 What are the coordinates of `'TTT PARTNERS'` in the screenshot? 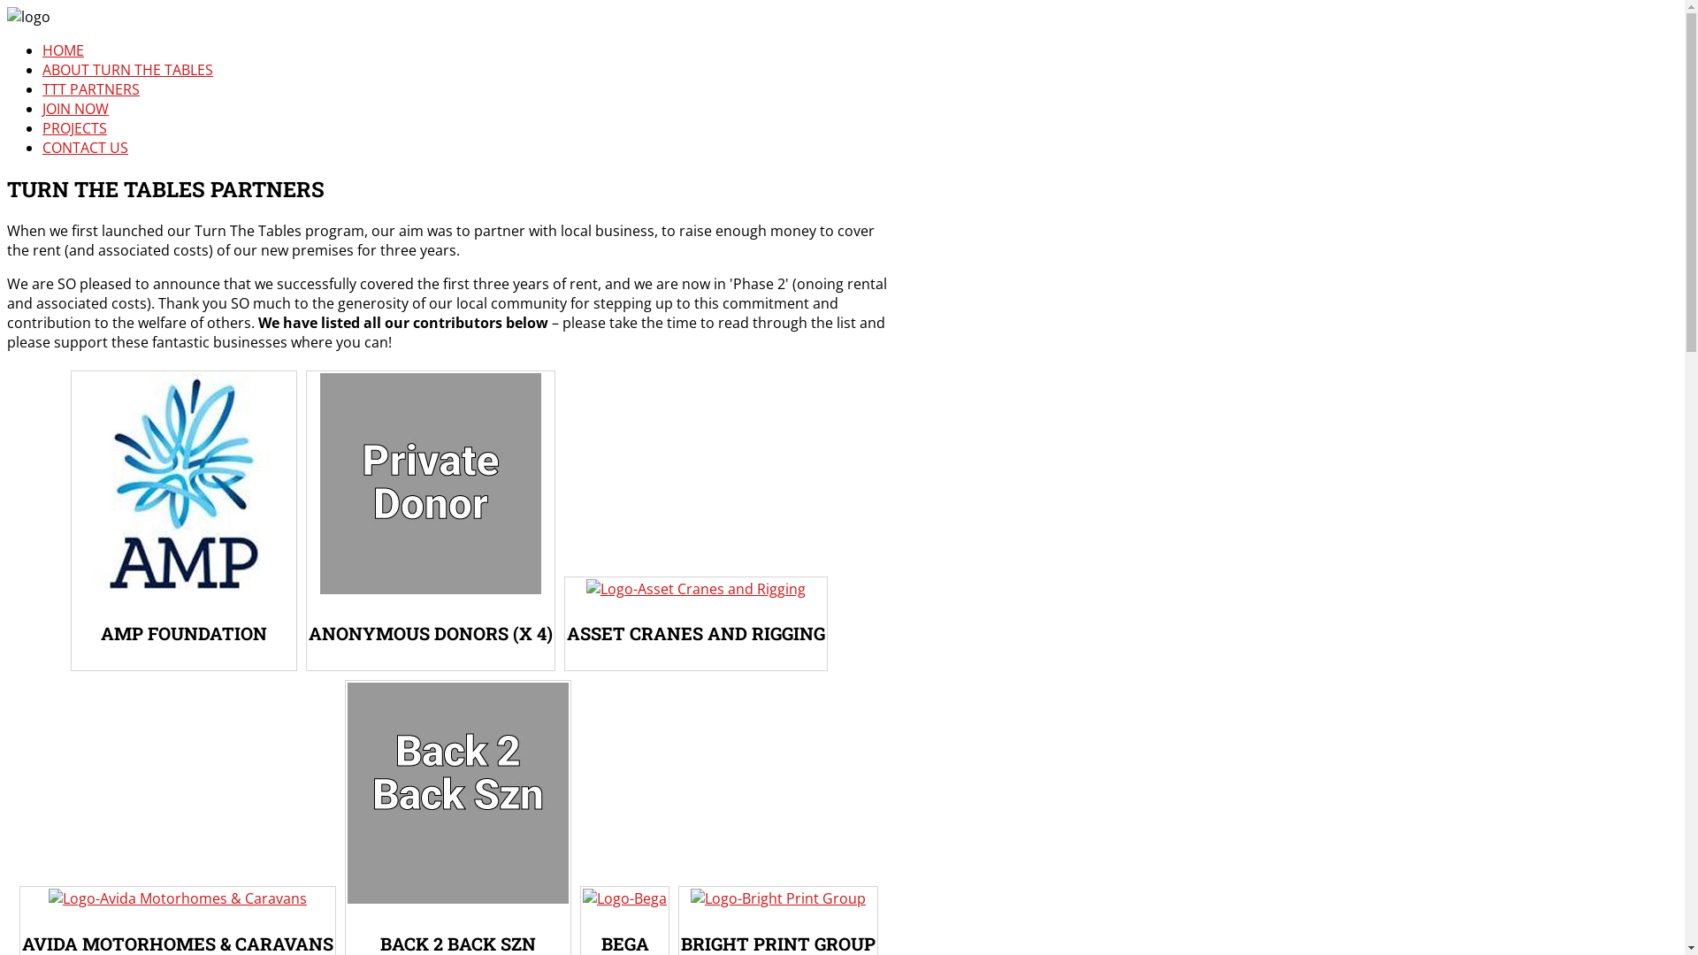 It's located at (89, 88).